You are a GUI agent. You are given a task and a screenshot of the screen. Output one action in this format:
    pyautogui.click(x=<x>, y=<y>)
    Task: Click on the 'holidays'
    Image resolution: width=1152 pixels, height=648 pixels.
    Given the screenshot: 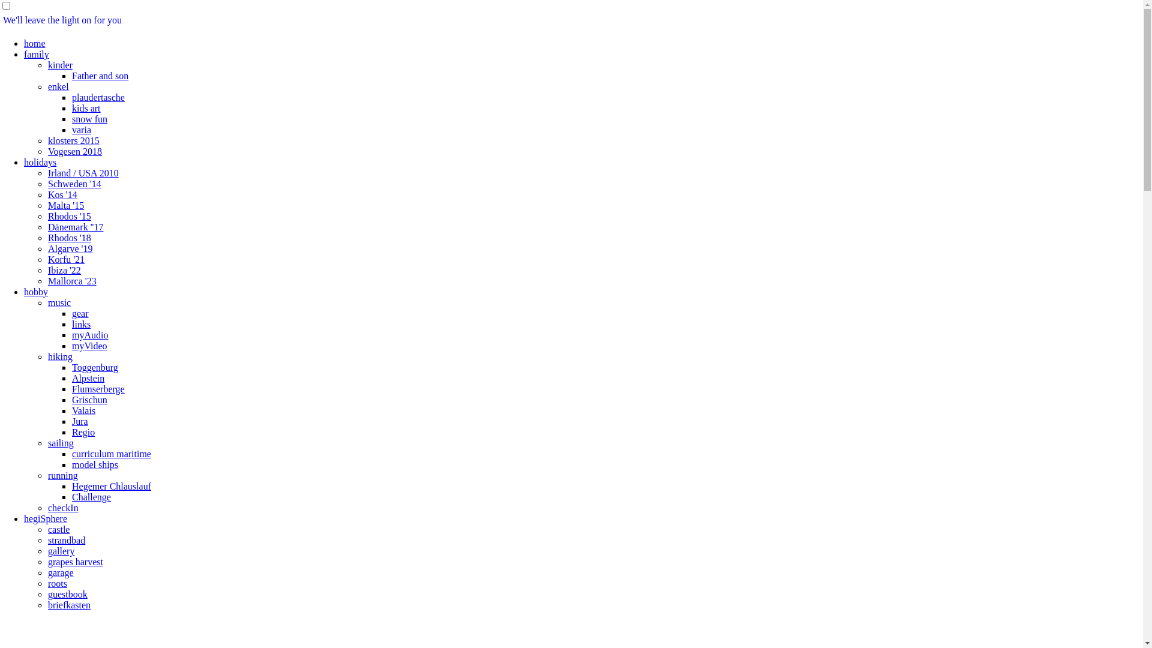 What is the action you would take?
    pyautogui.click(x=40, y=162)
    